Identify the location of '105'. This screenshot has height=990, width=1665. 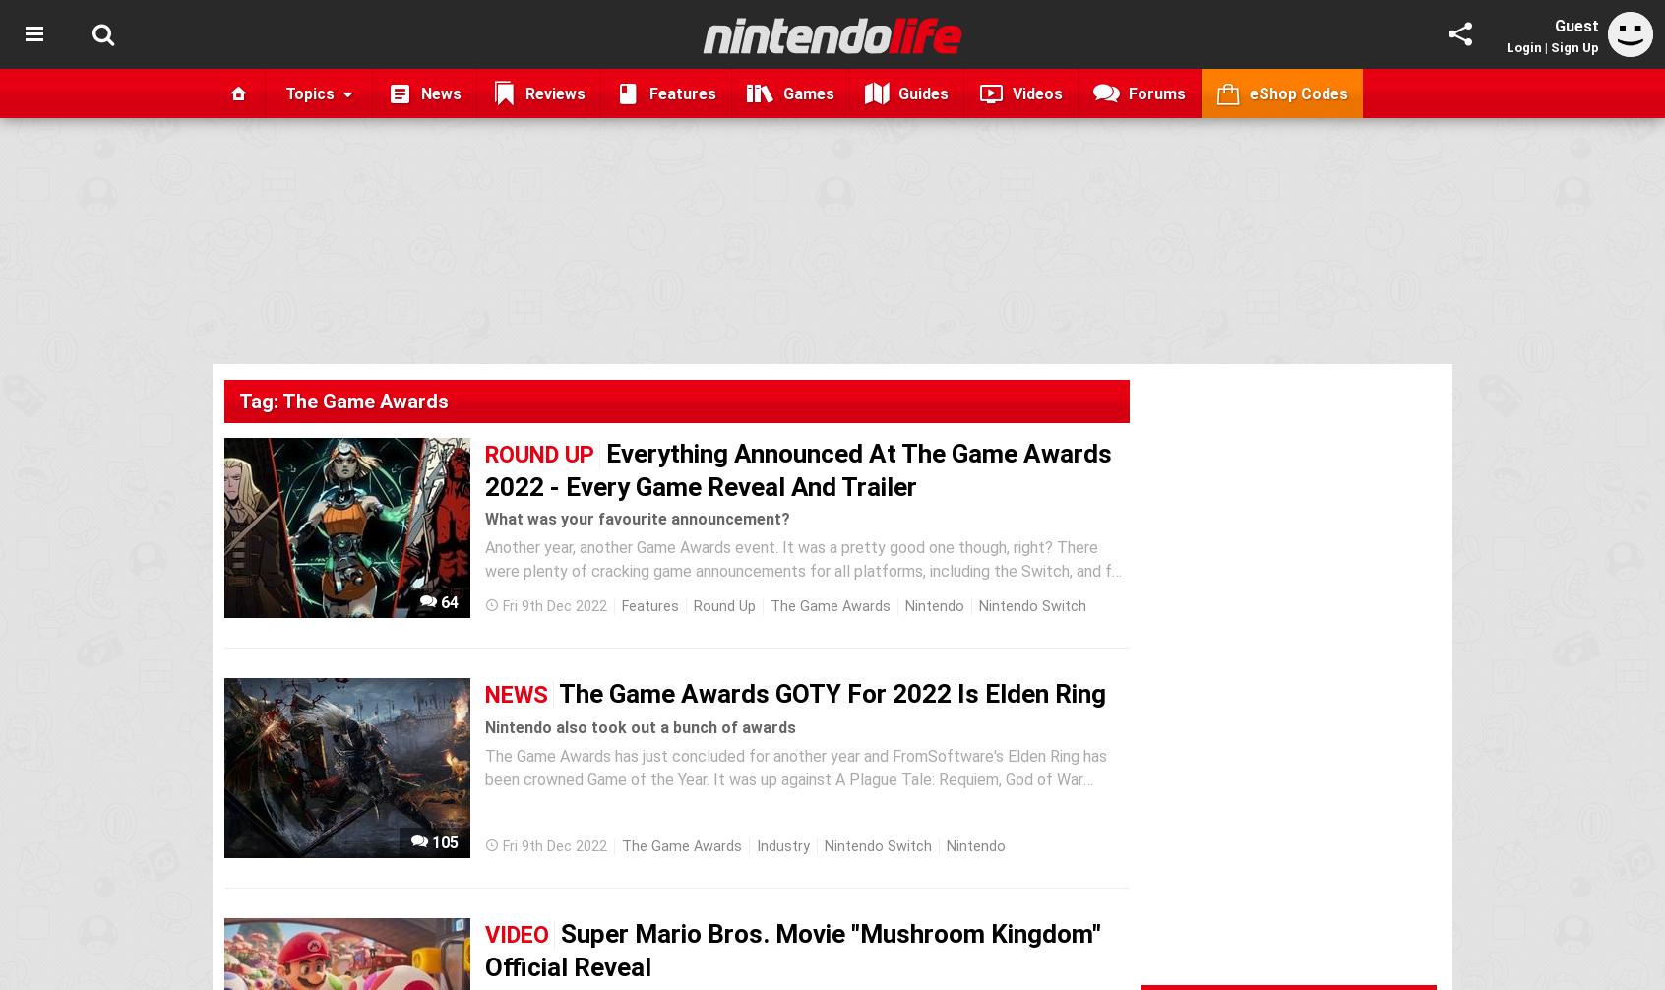
(442, 841).